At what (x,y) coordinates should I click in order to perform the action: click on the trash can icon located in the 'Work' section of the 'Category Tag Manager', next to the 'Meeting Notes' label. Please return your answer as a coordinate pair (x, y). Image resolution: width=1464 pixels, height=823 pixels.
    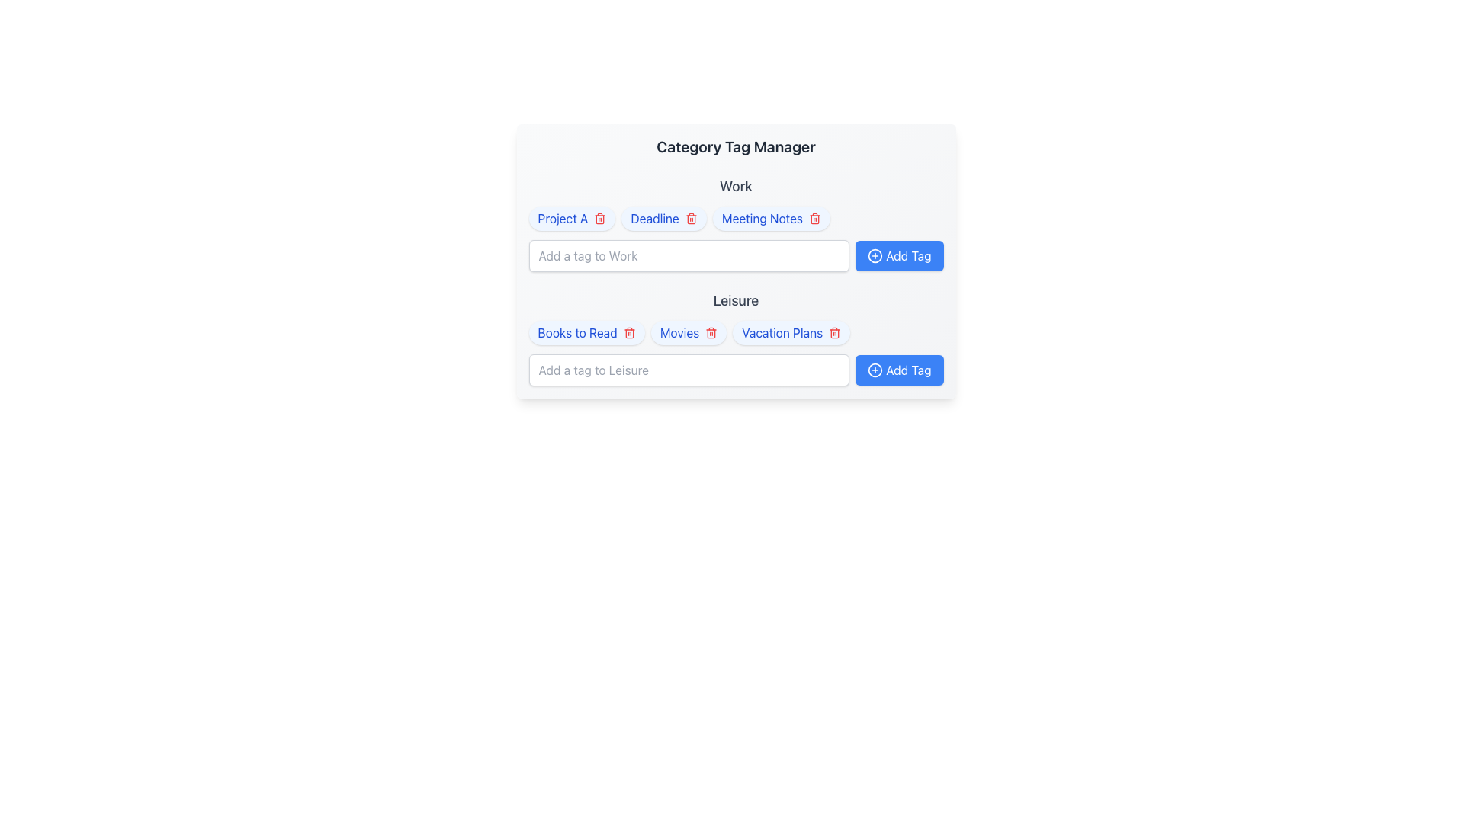
    Looking at the image, I should click on (814, 219).